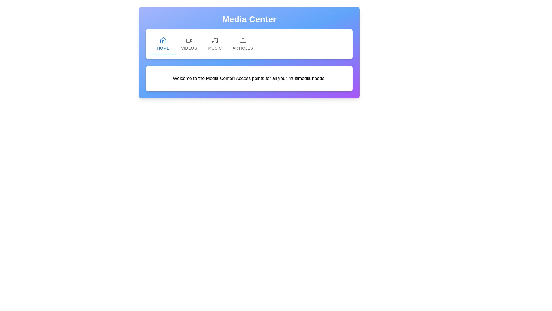  I want to click on the 'Articles' tab in the tab group UI component located under the 'Media Center' heading, so click(249, 44).